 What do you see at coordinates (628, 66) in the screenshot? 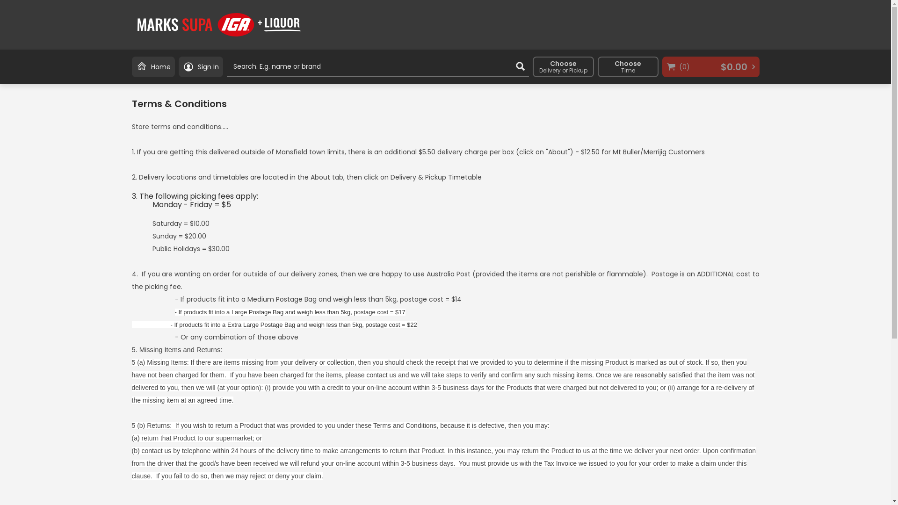
I see `'Choose` at bounding box center [628, 66].